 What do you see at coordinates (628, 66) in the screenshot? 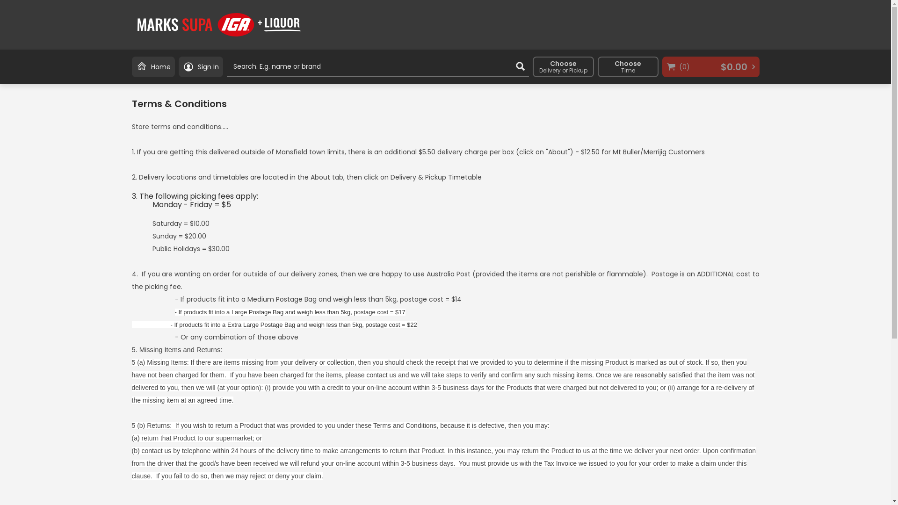
I see `'Choose` at bounding box center [628, 66].